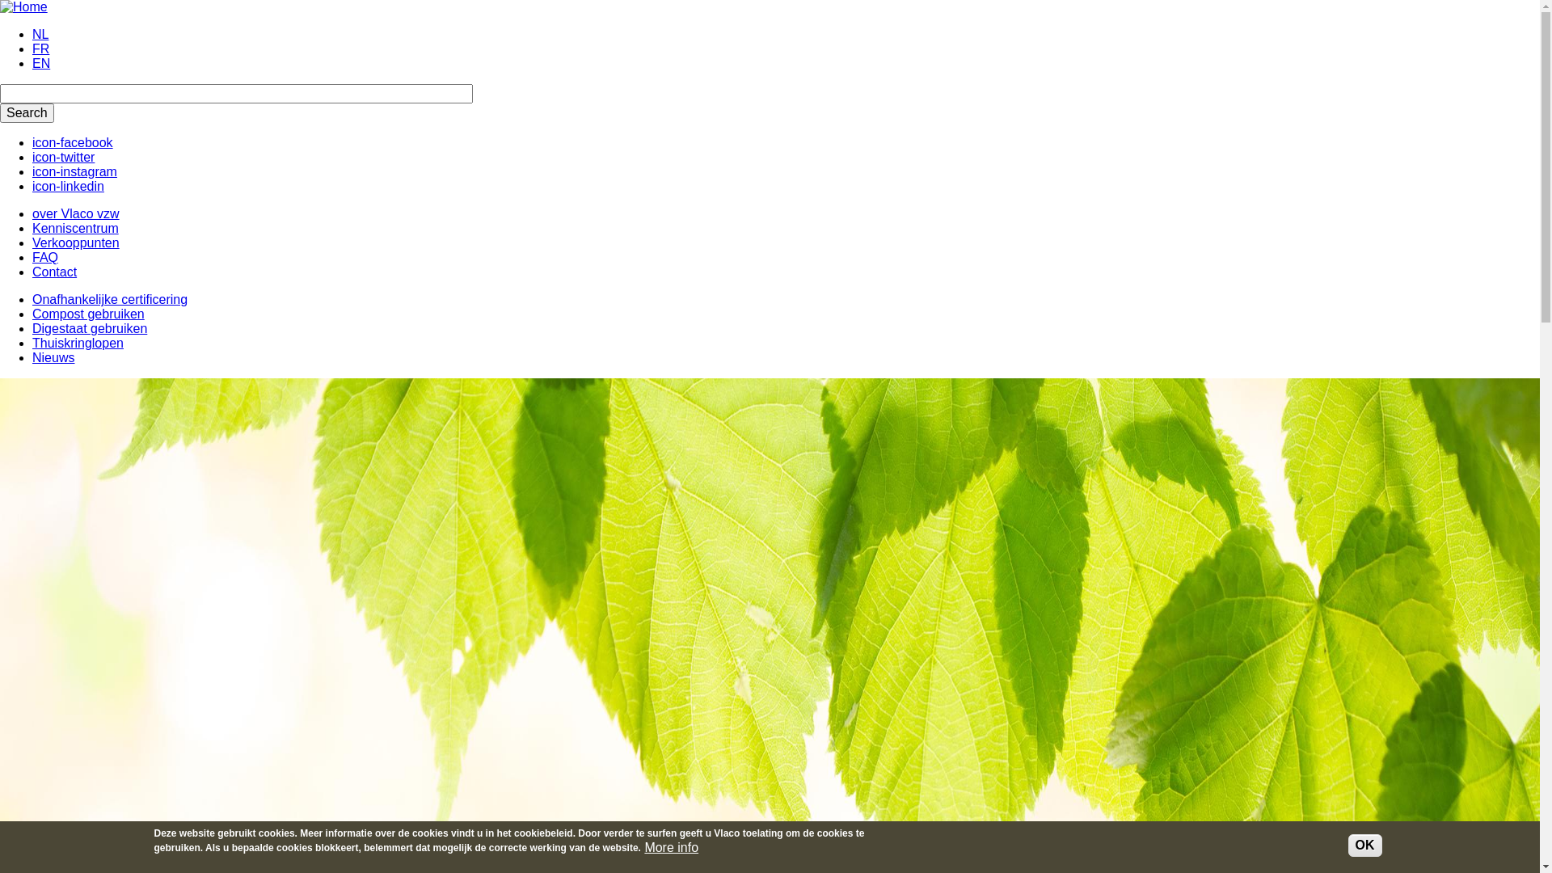  I want to click on 'Overslaan en naar de inhoud gaan', so click(0, 0).